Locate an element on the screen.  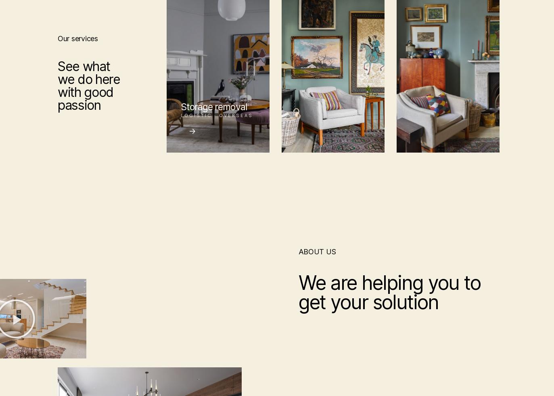
'Advertise Here' is located at coordinates (304, 168).